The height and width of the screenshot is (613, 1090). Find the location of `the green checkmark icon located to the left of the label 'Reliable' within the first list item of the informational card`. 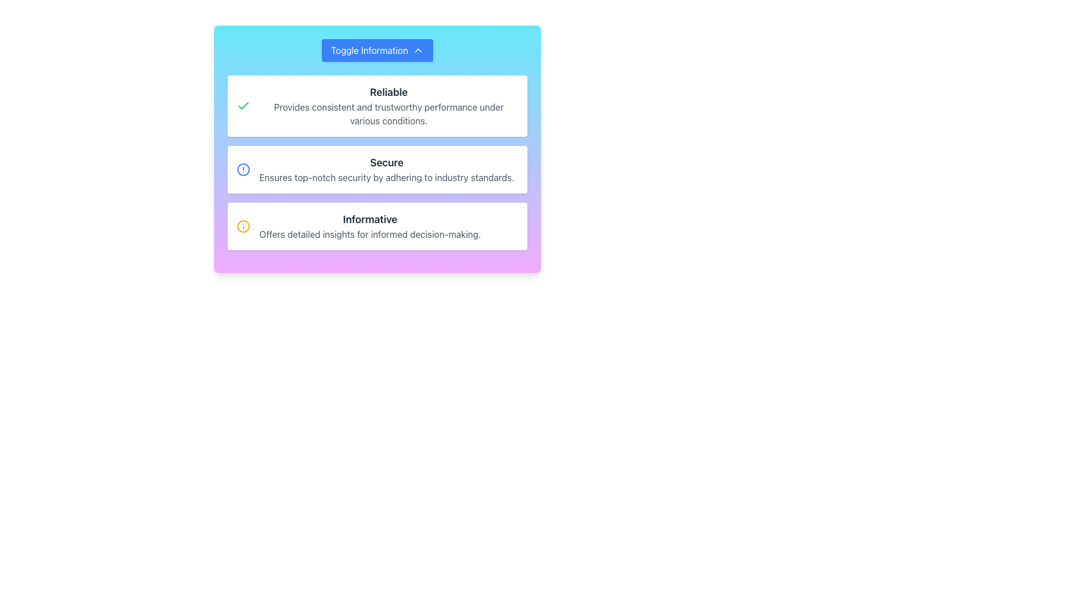

the green checkmark icon located to the left of the label 'Reliable' within the first list item of the informational card is located at coordinates (242, 106).